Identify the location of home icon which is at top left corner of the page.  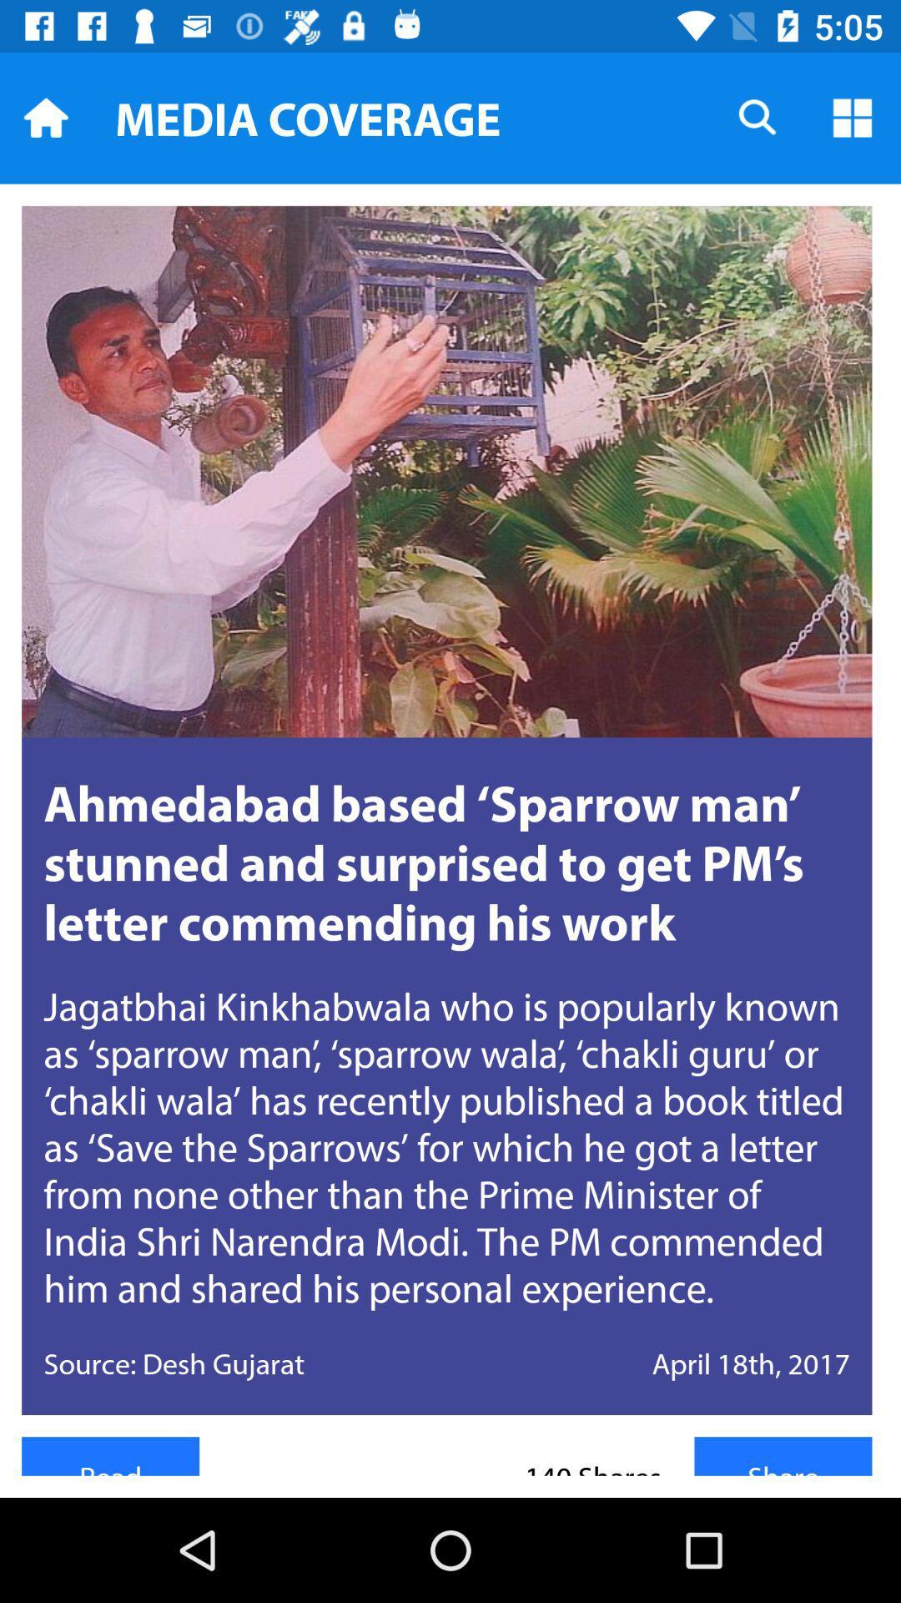
(46, 117).